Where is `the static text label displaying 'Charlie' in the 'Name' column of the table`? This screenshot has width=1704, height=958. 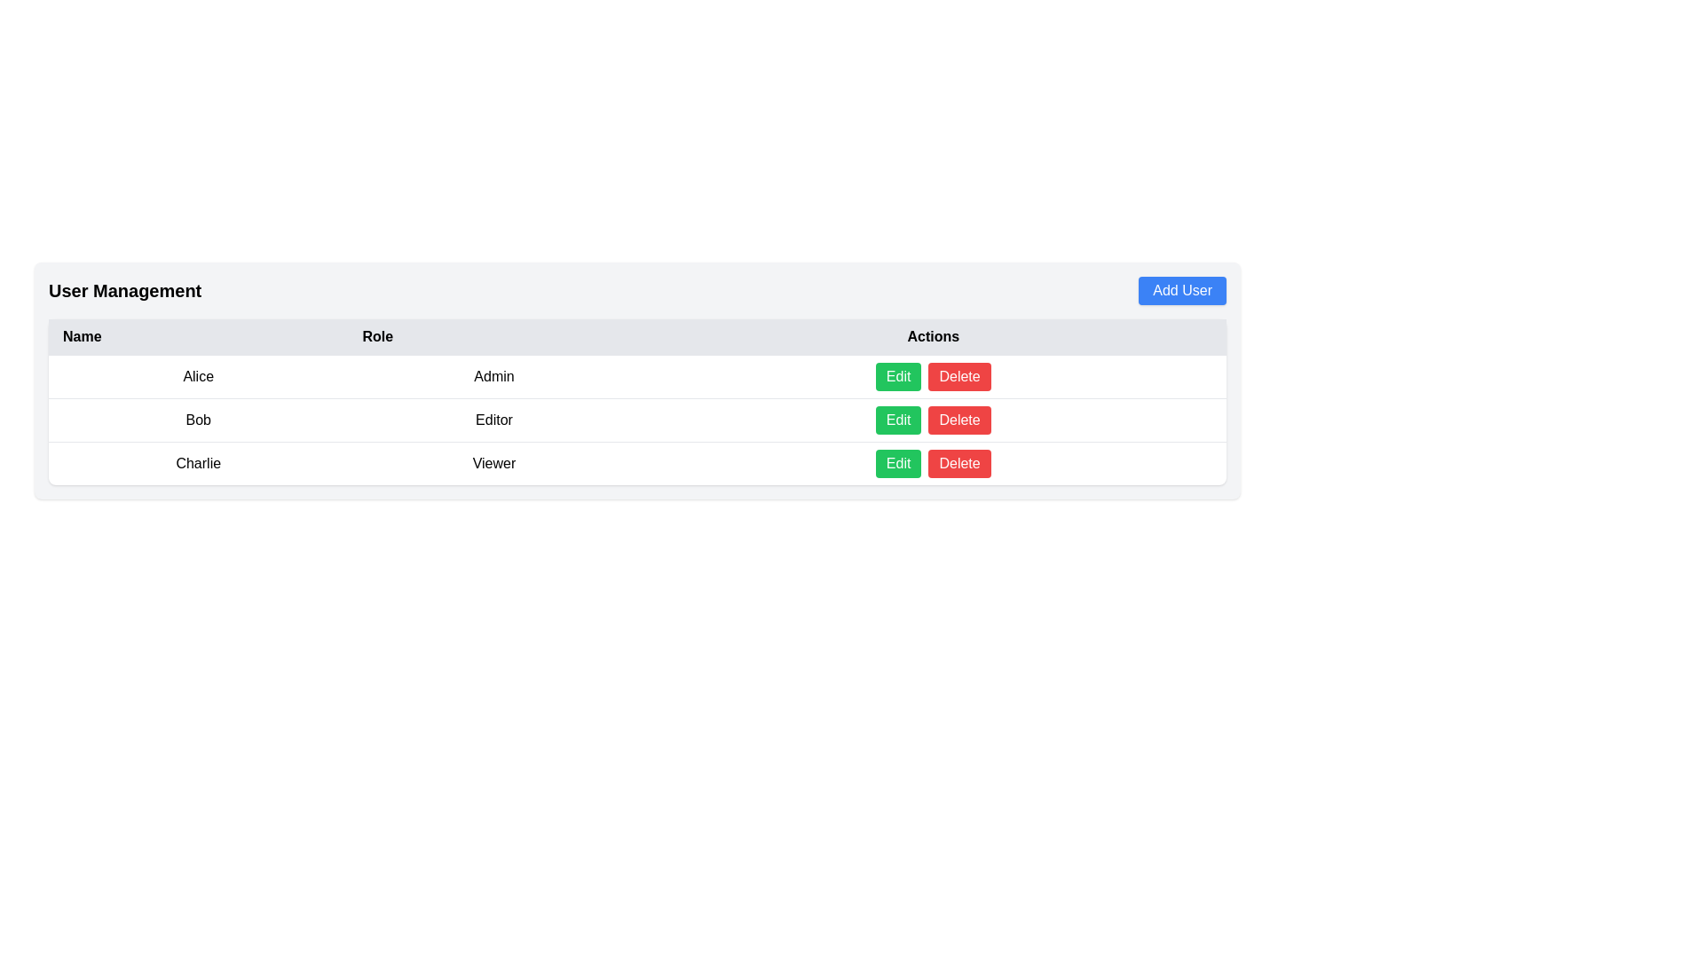 the static text label displaying 'Charlie' in the 'Name' column of the table is located at coordinates (198, 462).